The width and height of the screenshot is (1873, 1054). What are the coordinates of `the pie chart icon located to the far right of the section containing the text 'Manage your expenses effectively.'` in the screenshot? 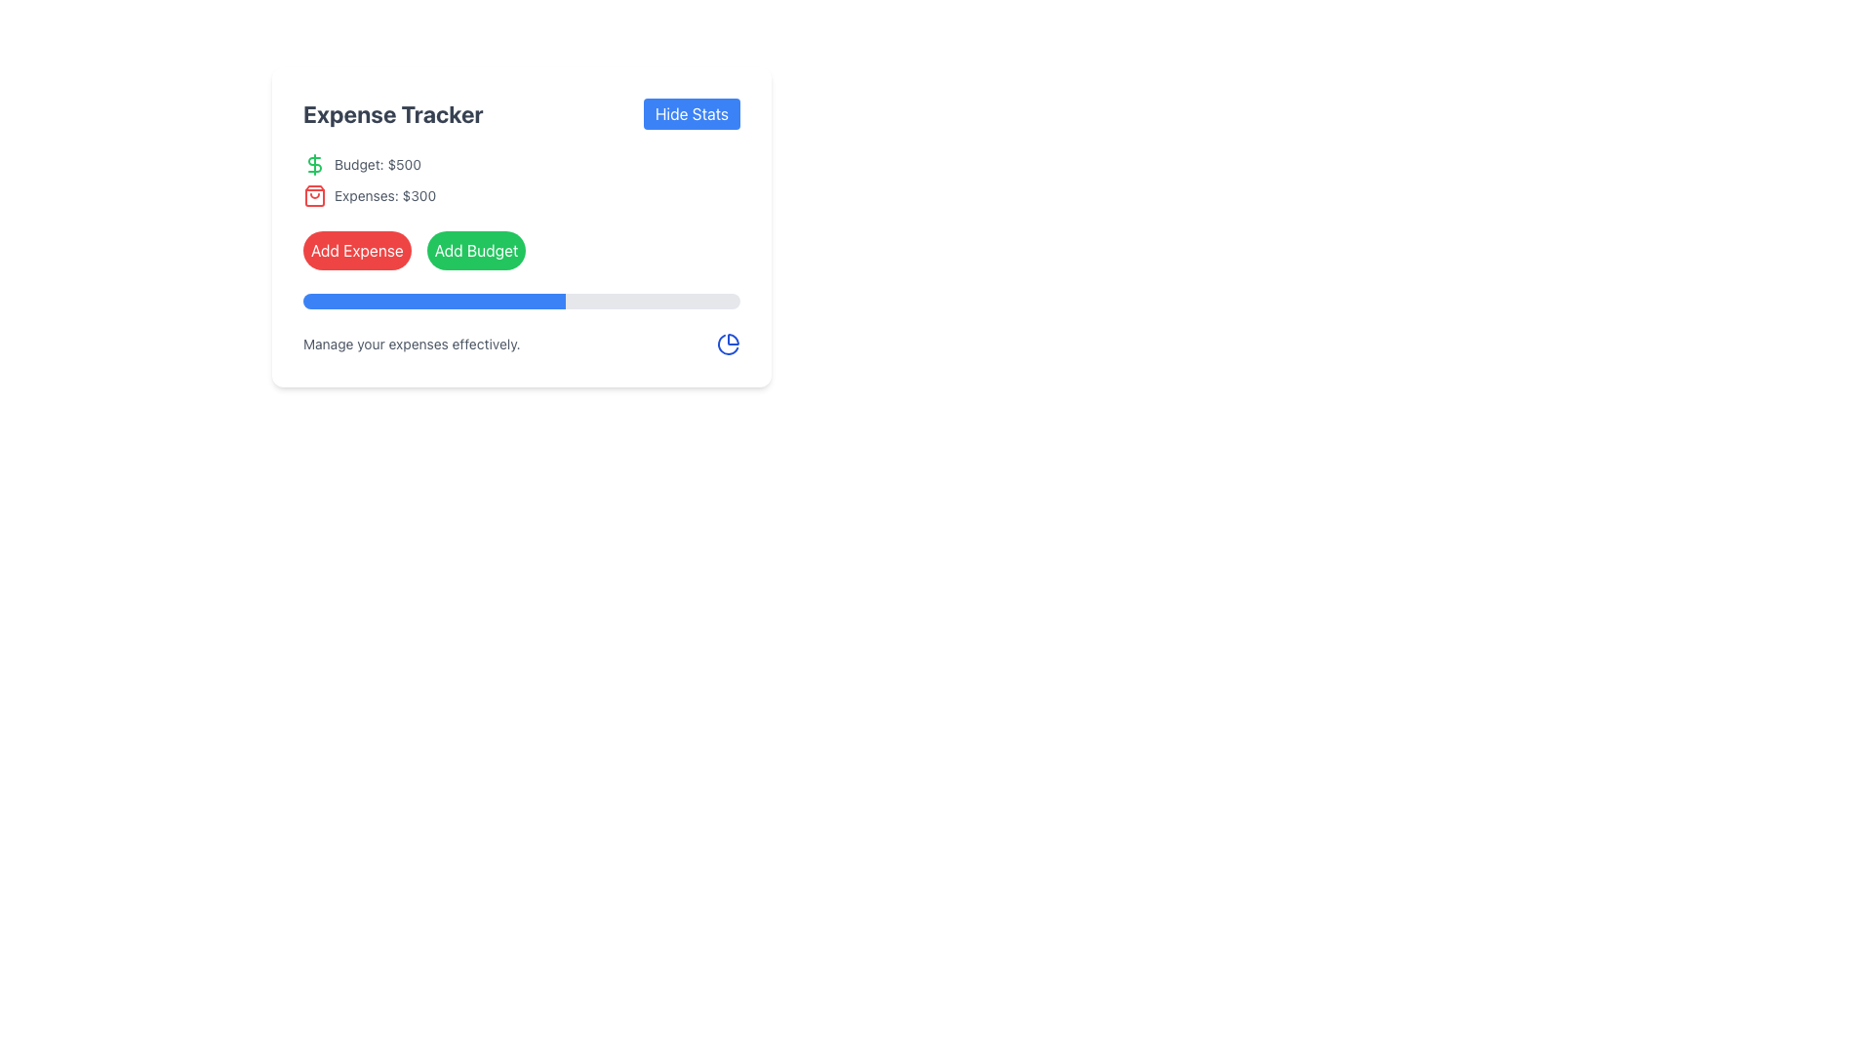 It's located at (728, 344).